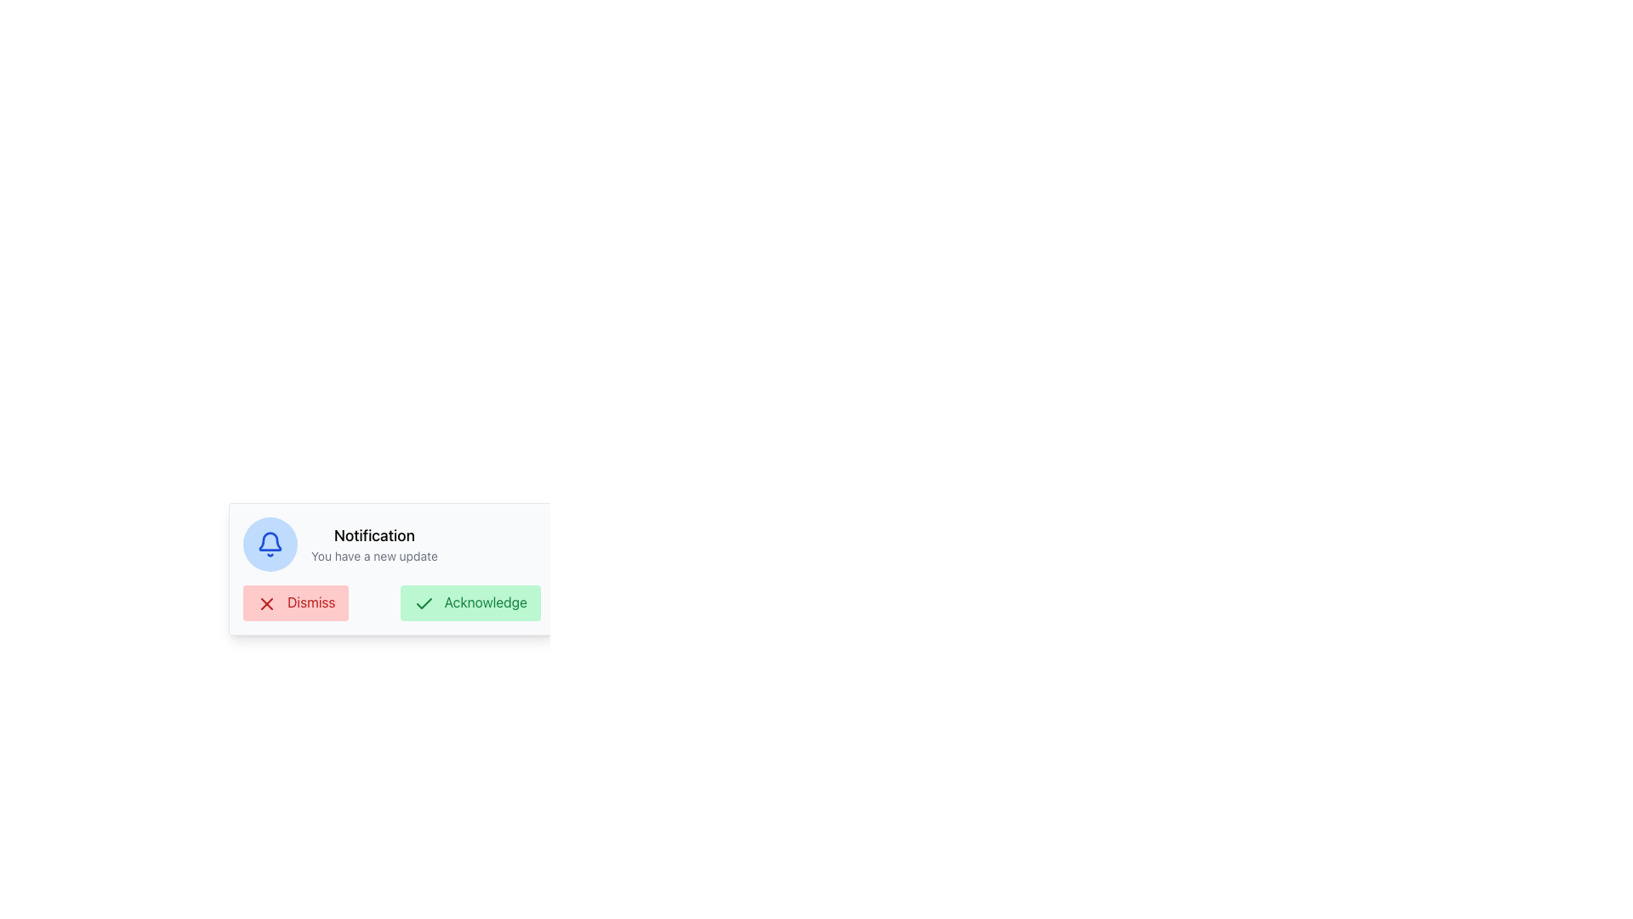 The image size is (1633, 919). What do you see at coordinates (390, 545) in the screenshot?
I see `the text label that displays the new update notification` at bounding box center [390, 545].